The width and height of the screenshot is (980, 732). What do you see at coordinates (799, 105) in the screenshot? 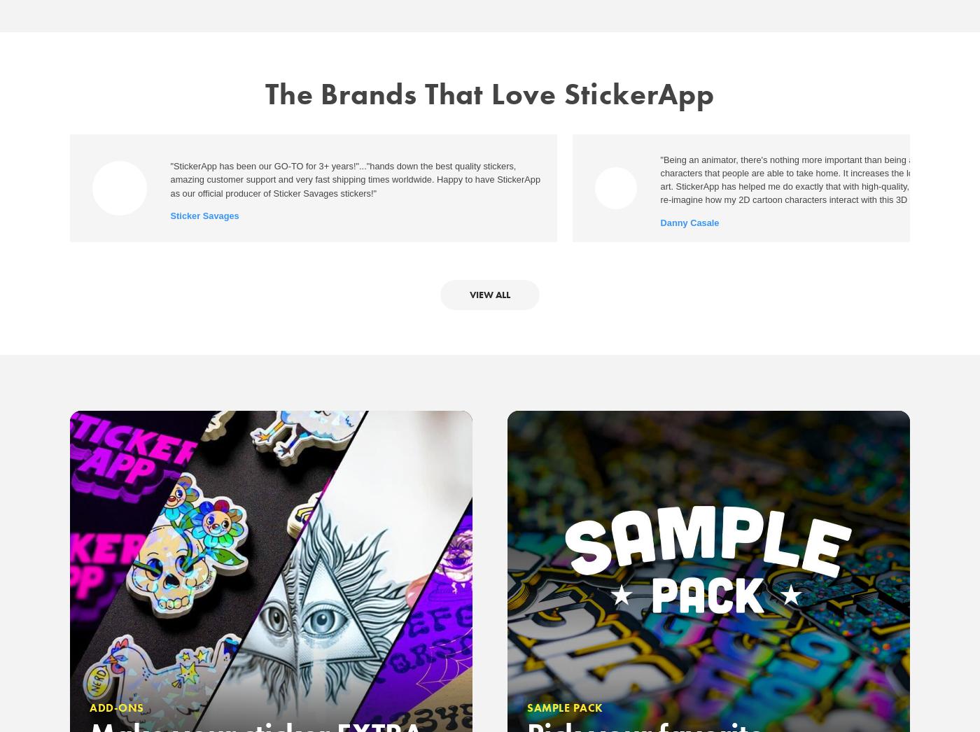
I see `'Press'` at bounding box center [799, 105].